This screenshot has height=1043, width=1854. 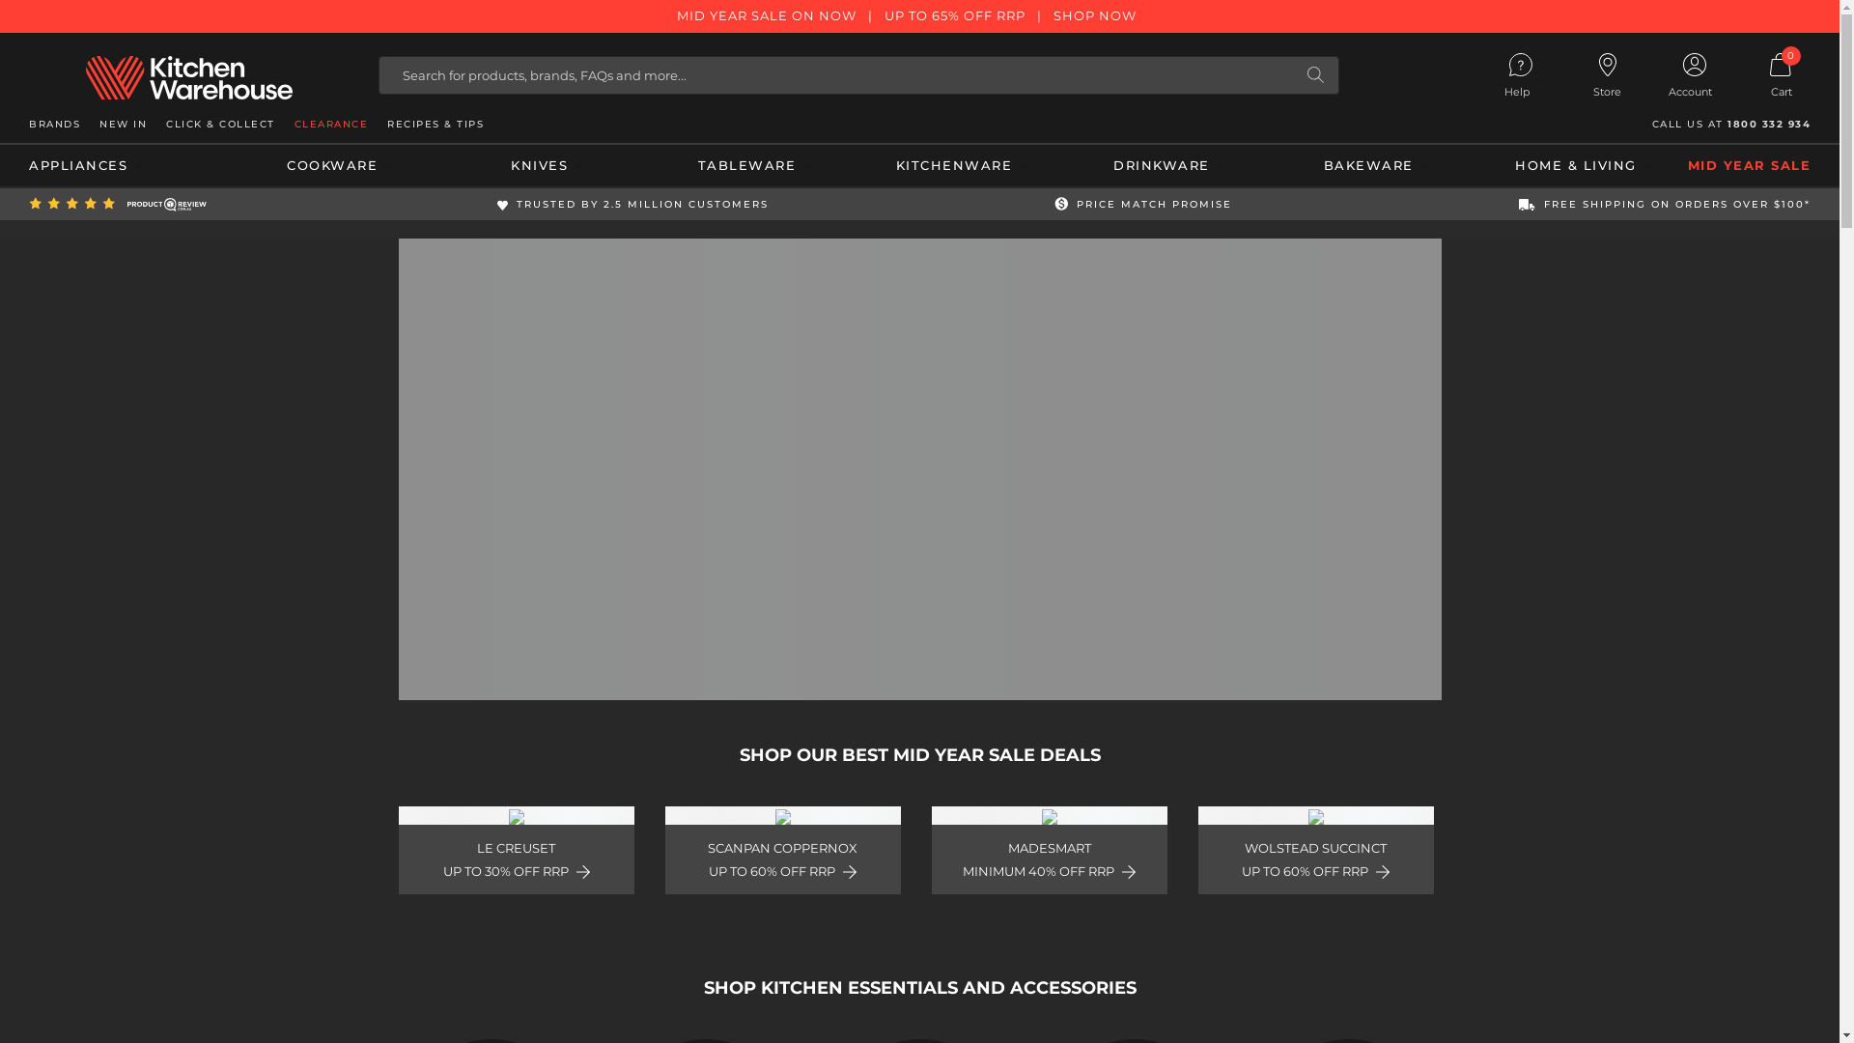 What do you see at coordinates (435, 124) in the screenshot?
I see `'RECIPES & TIPS'` at bounding box center [435, 124].